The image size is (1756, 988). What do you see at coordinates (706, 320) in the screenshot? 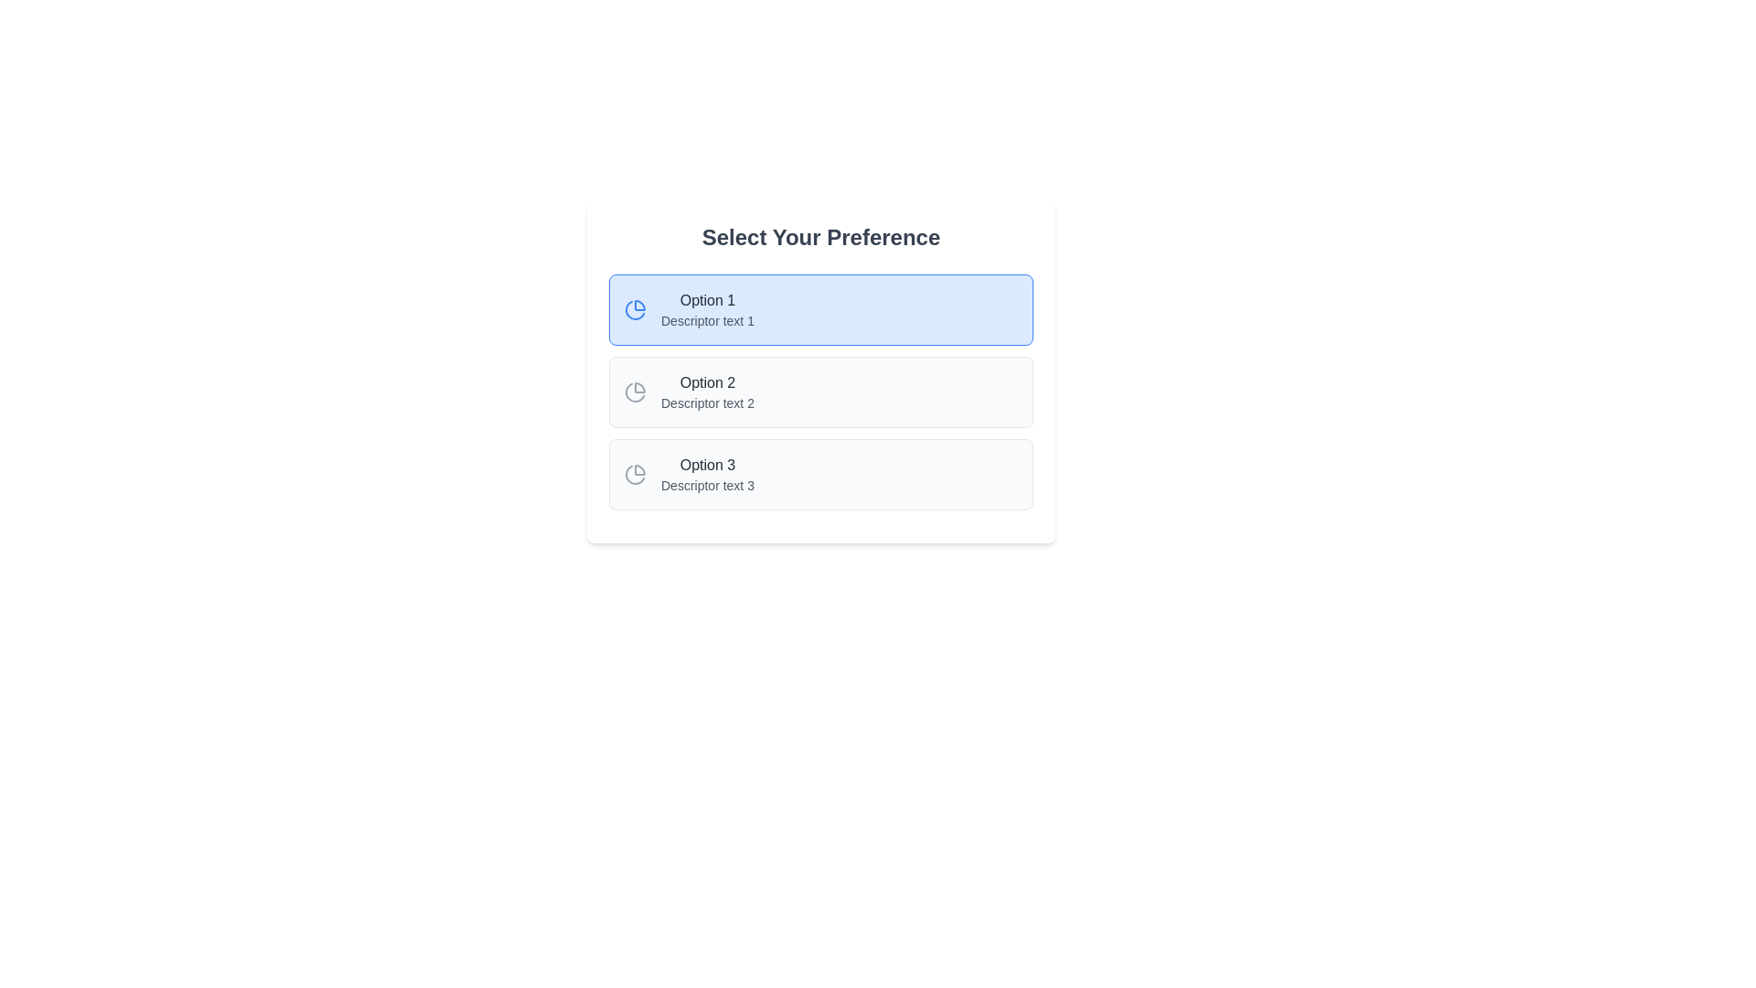
I see `the descriptive text label for 'Option 1' located beneath its title in the first card of selectable options` at bounding box center [706, 320].